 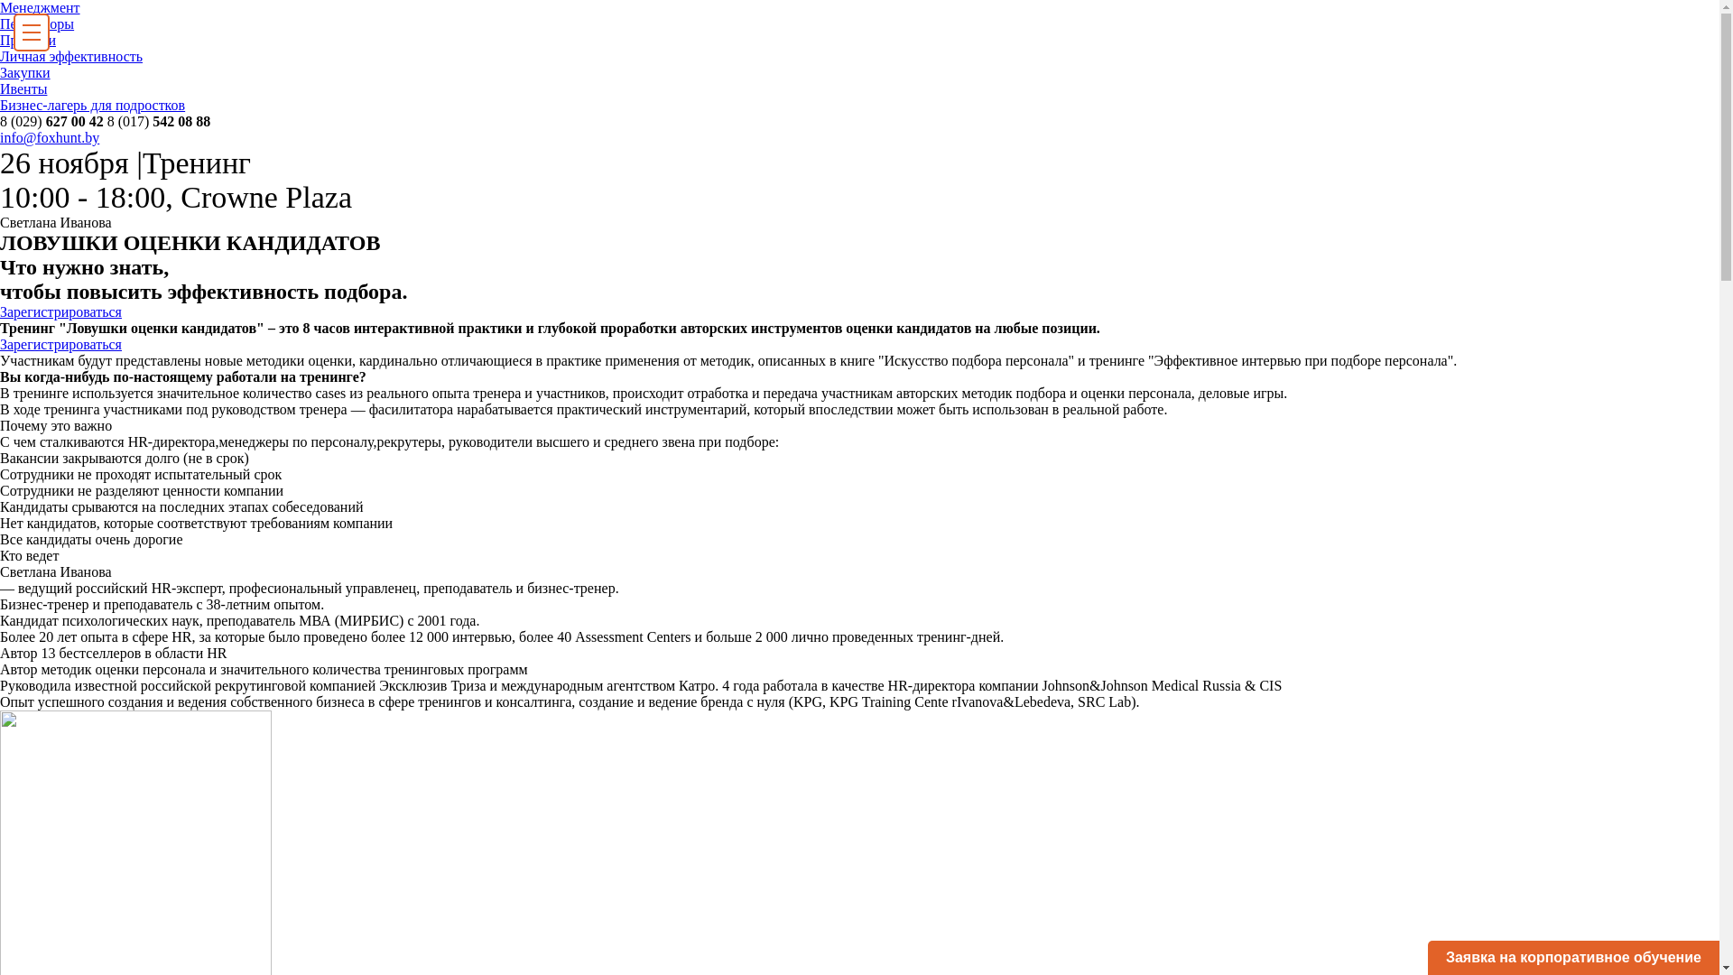 I want to click on 'info@foxhunt.by', so click(x=49, y=136).